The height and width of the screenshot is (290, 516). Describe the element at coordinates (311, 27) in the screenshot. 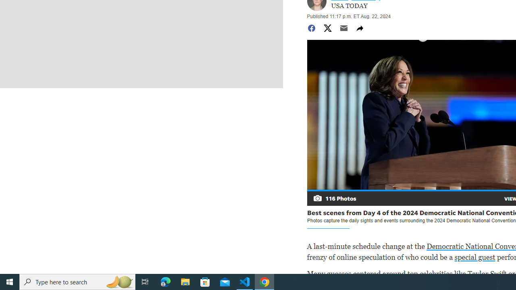

I see `'Share to Facebook'` at that location.